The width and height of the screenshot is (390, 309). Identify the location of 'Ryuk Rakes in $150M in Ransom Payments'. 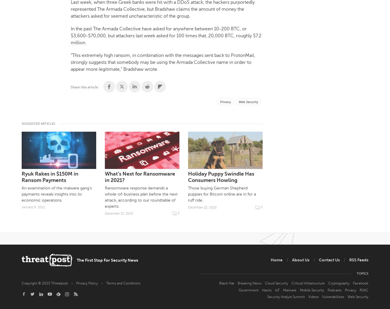
(50, 176).